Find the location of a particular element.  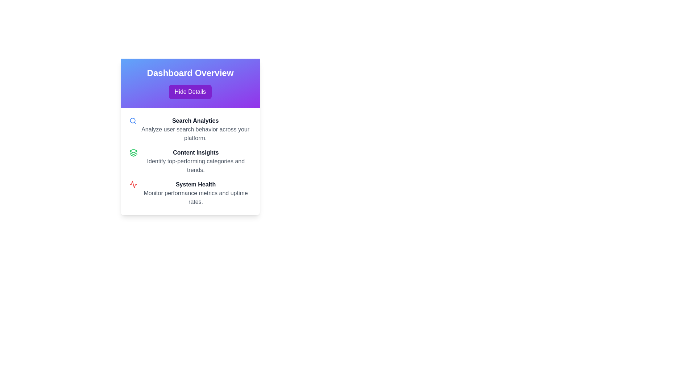

text description of the system's health status and analytics, which is the third entry in a vertically stacked list, located near the bottom of the card interface is located at coordinates (190, 193).